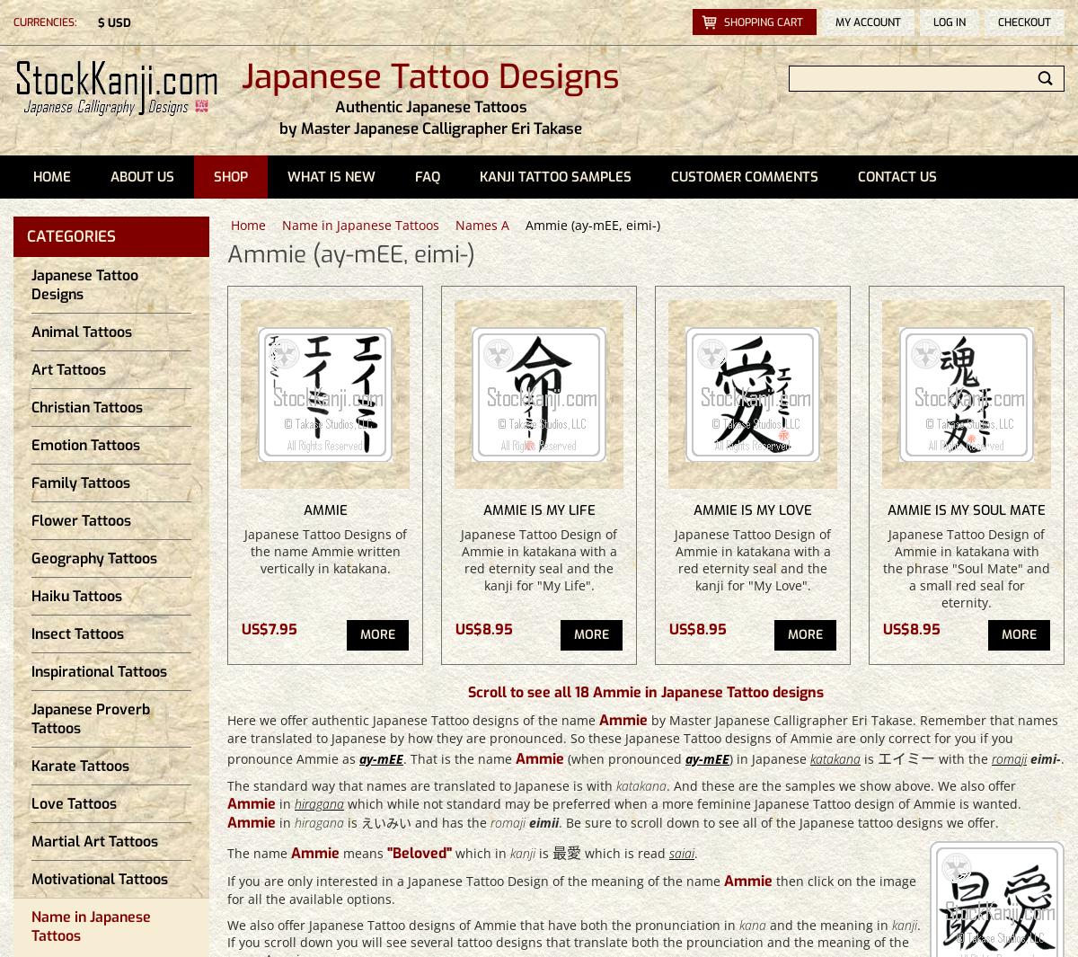 This screenshot has height=957, width=1078. I want to click on 'Kanji Tattoo Samples', so click(555, 176).